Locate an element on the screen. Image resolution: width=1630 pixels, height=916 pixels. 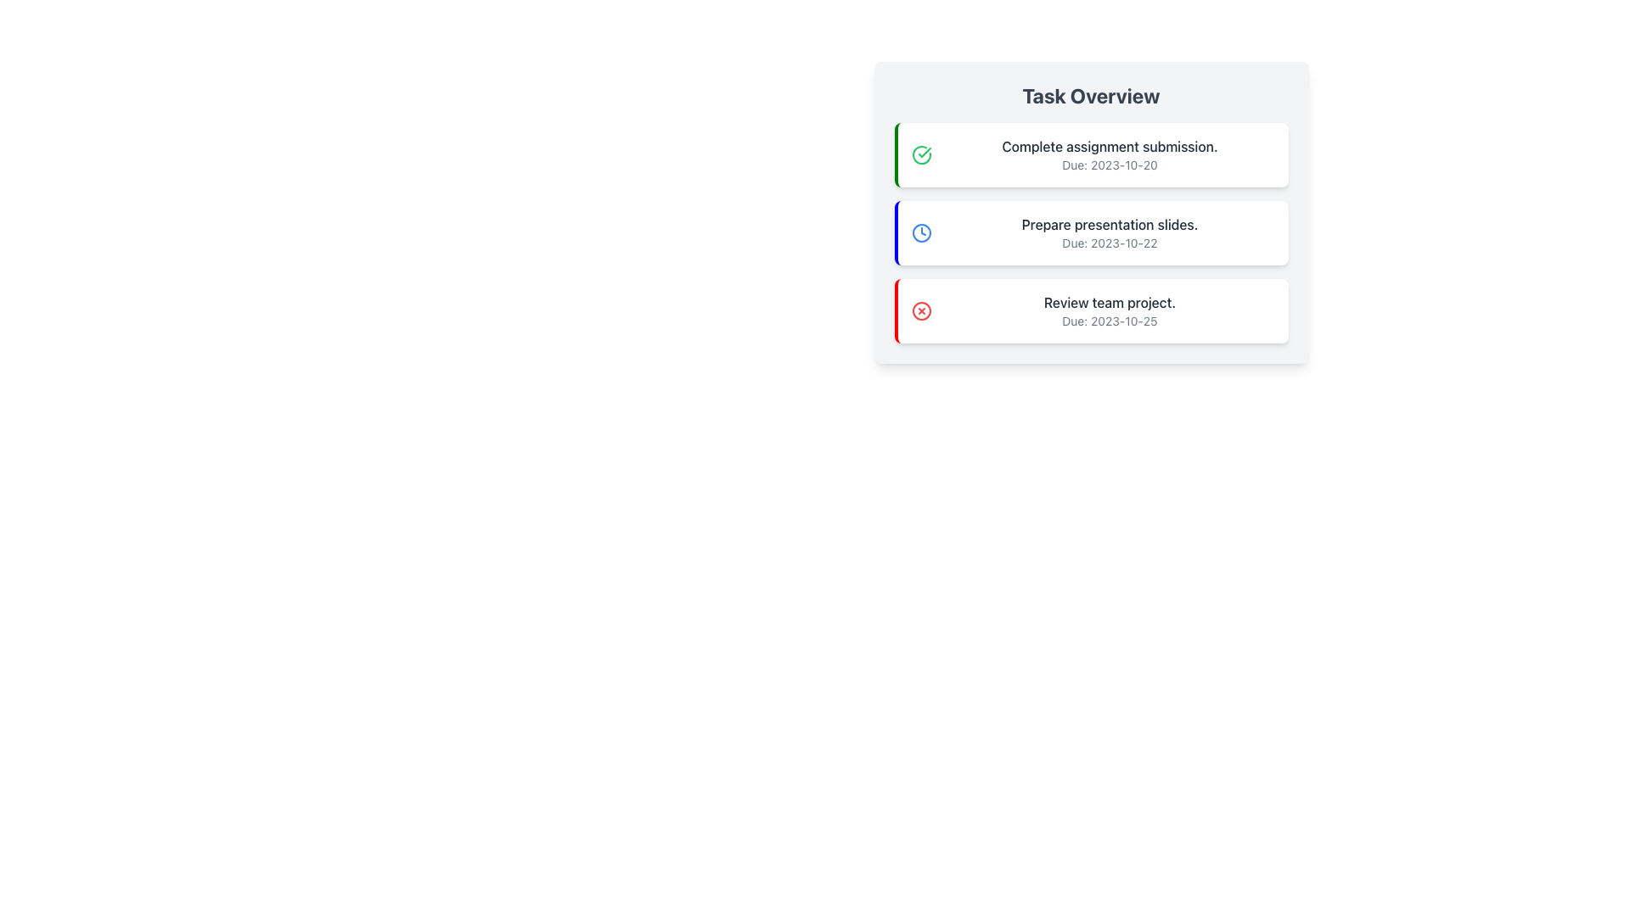
the time or due date icon located in the task card titled 'Prepare presentation slides' within the 'Task Overview' list, positioned to the far left of the text content is located at coordinates (920, 232).